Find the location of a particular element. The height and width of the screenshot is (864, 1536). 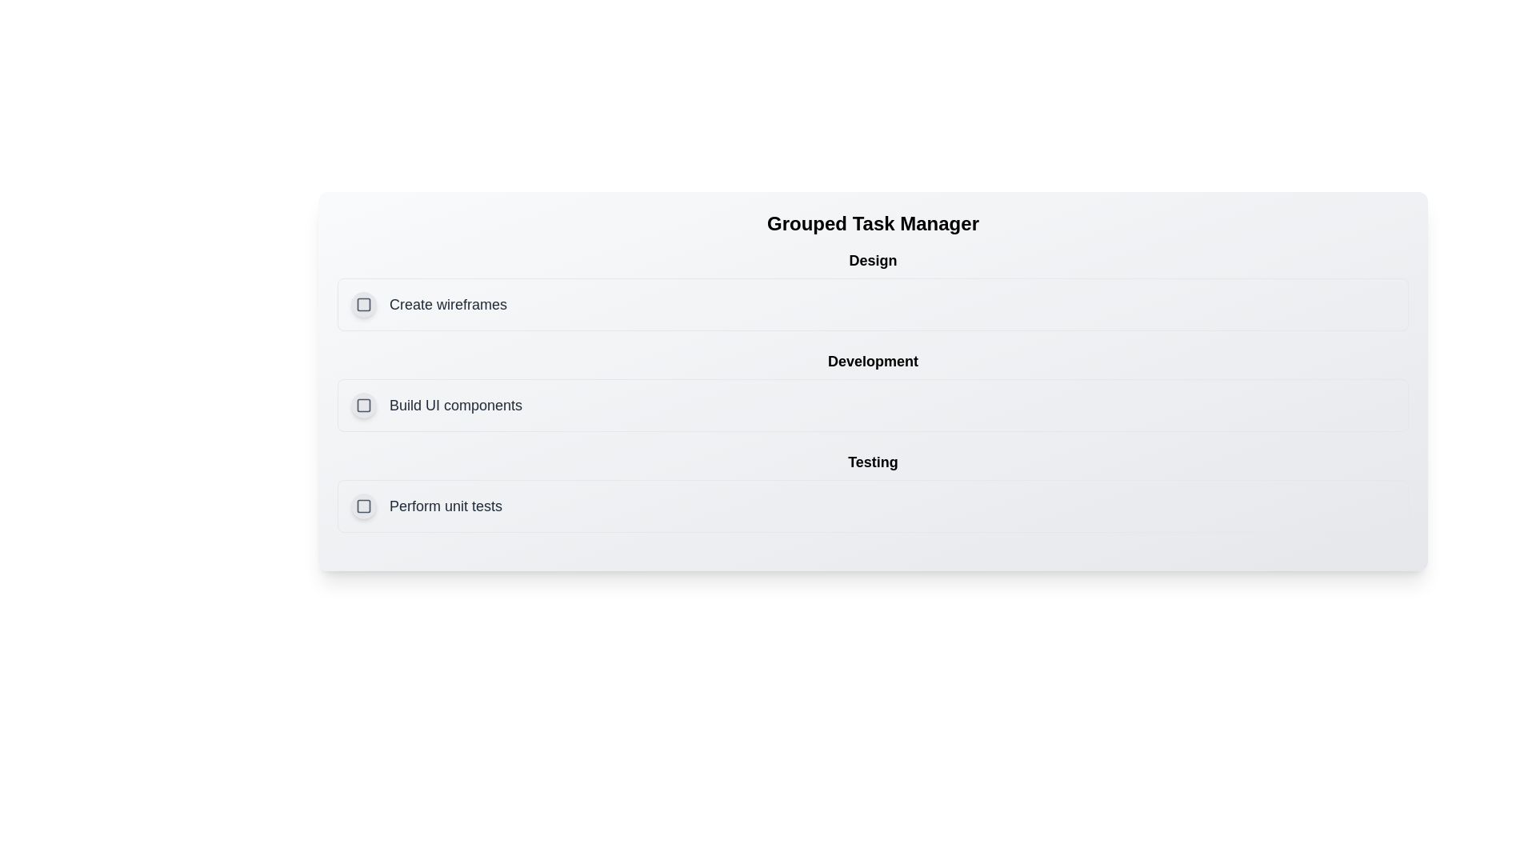

the checkbox icon for the task 'Build UI components' is located at coordinates (363, 404).